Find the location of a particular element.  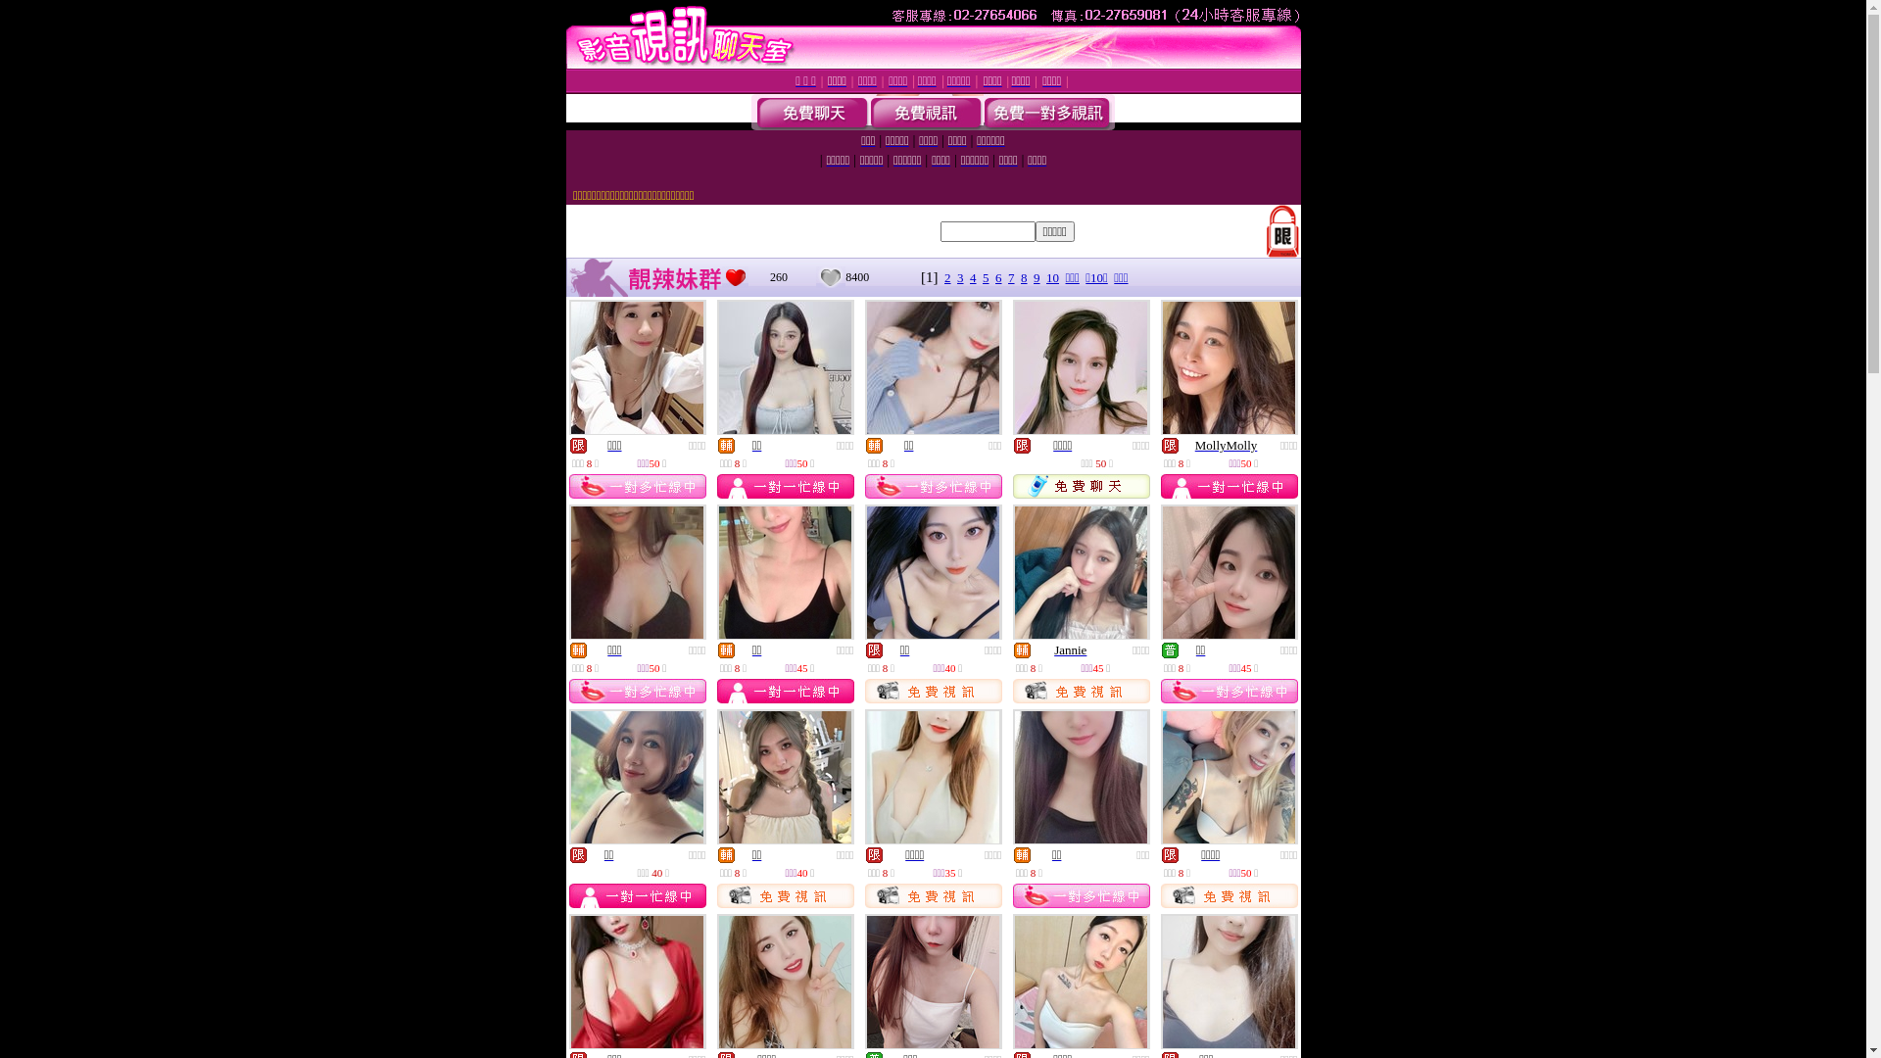

'3' is located at coordinates (960, 277).